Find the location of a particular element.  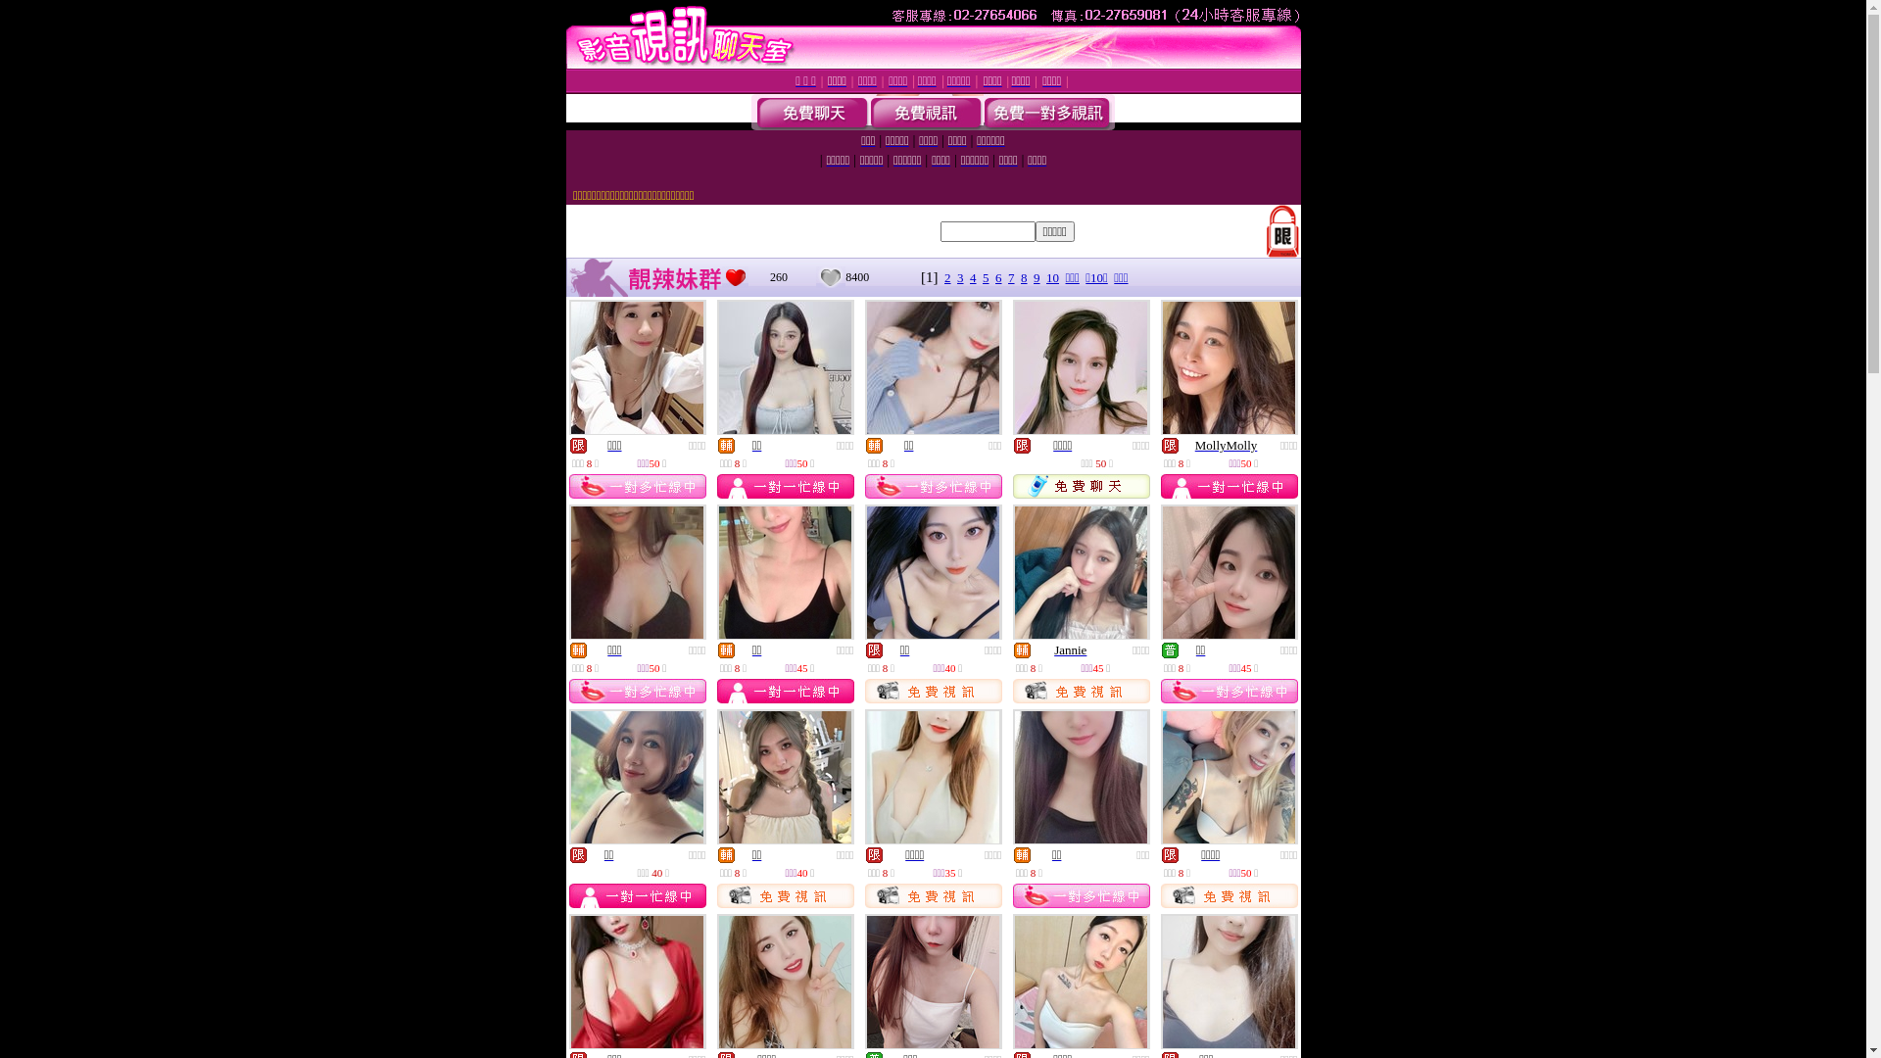

'3' is located at coordinates (960, 277).